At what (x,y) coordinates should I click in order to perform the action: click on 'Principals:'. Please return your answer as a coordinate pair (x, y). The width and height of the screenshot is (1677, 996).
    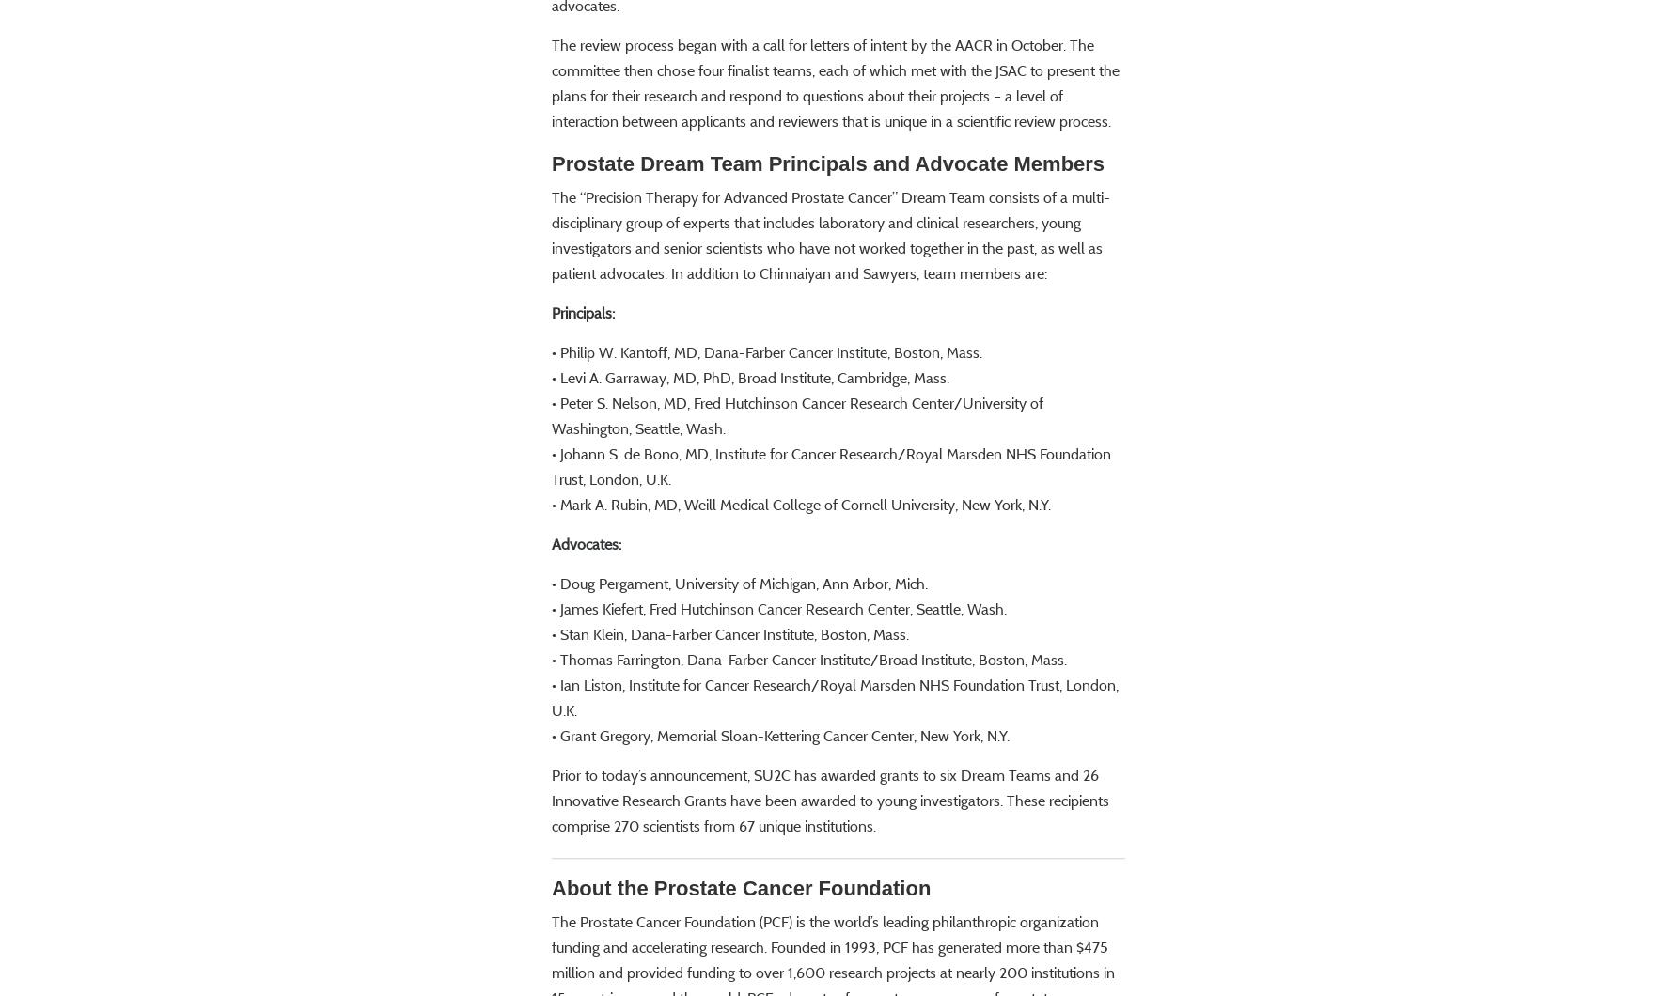
    Looking at the image, I should click on (582, 367).